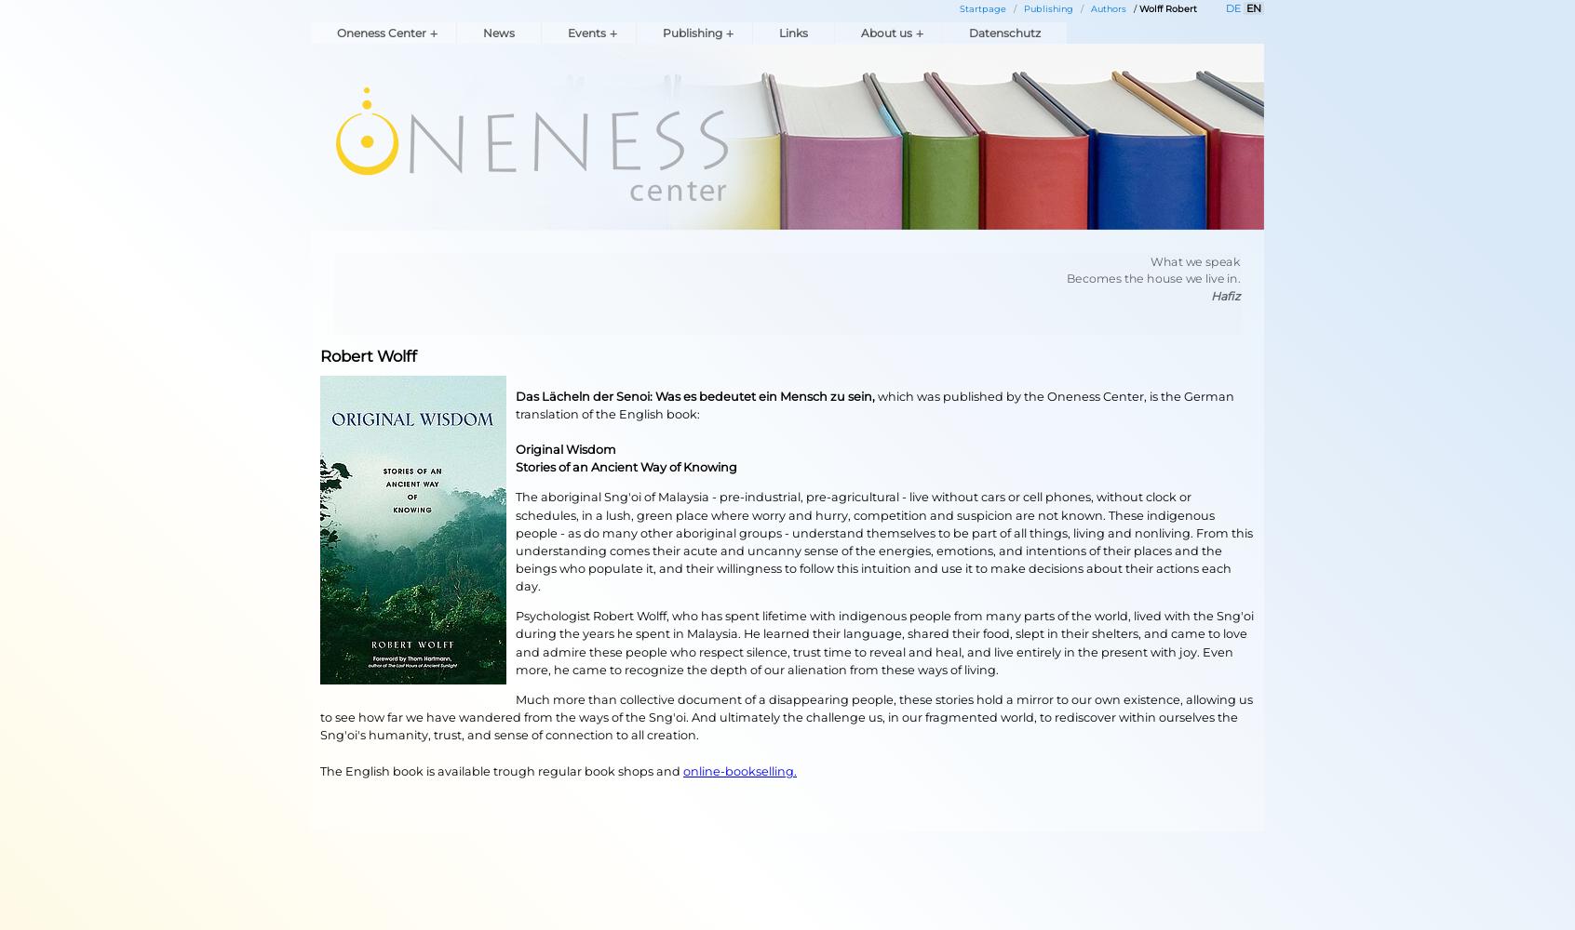 Image resolution: width=1575 pixels, height=930 pixels. Describe the element at coordinates (884, 642) in the screenshot. I see `'Psychologist Robert Wolff, who has spent lifetime with indigenous people from many parts of the world, lived with the Sng'oi during the years he spent in Malaysia. He learned their language, shared their food, slept in their shelters, and came to love and admire these people who respect silence, trust time to reveal and heal, and live entirely in the present with joy. Even more, he came to recognize the depth of our alienation from these ways of living.'` at that location.